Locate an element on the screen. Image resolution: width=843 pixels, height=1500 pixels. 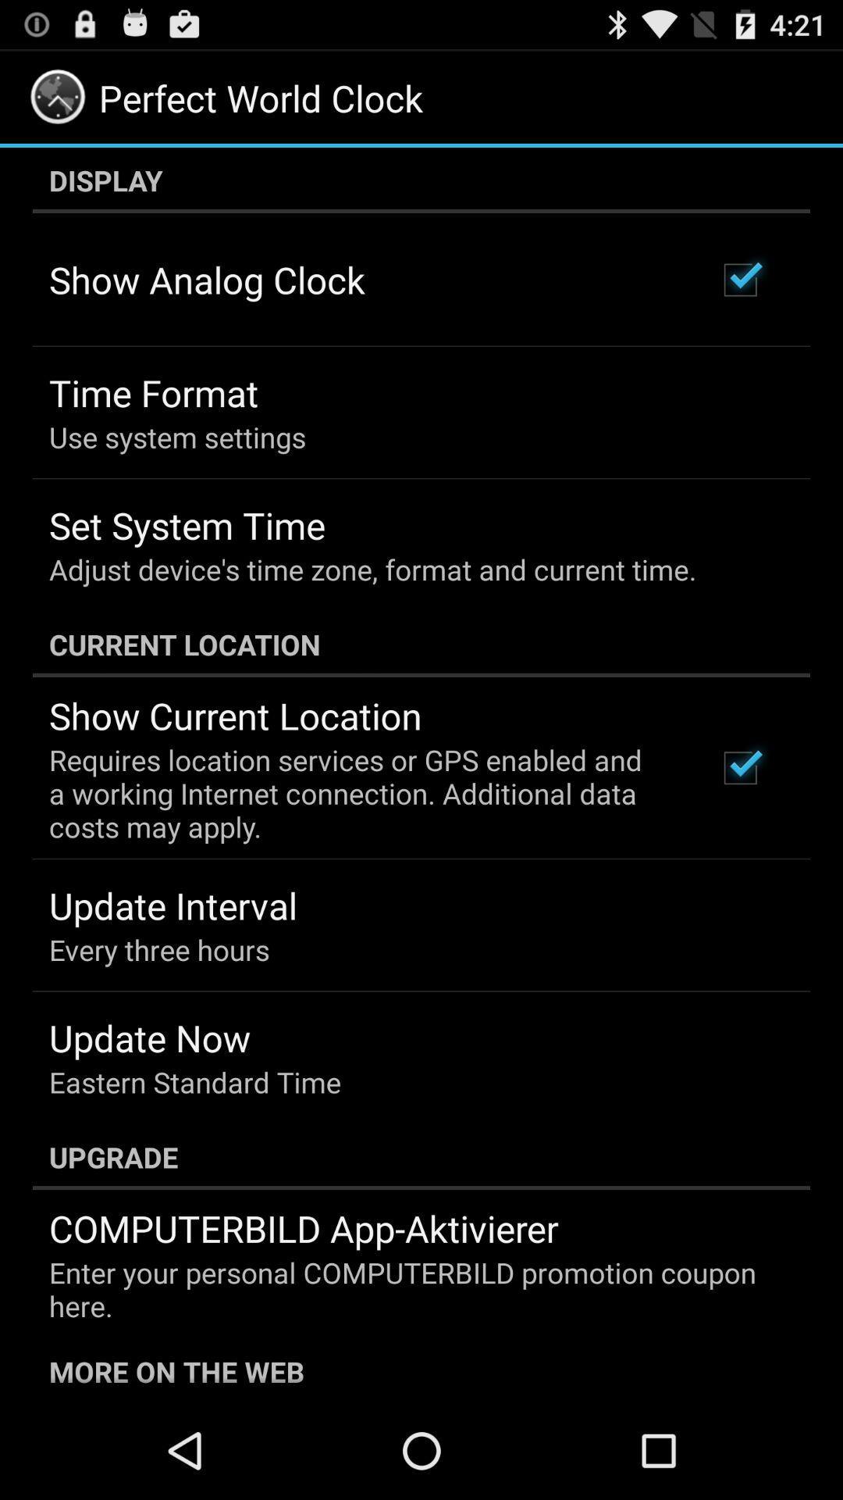
the app below update interval icon is located at coordinates (159, 948).